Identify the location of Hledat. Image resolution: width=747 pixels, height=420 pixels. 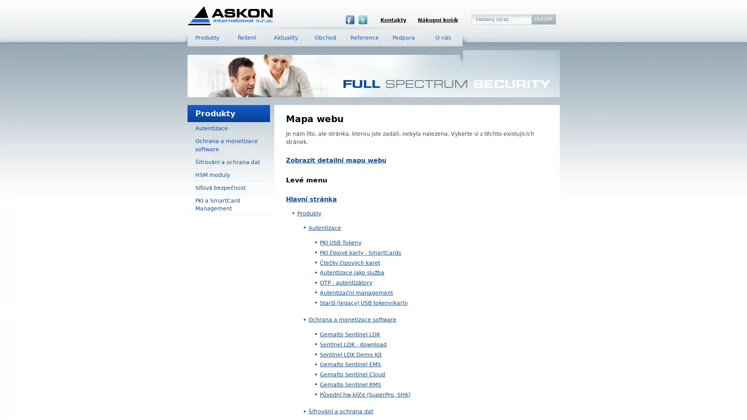
(543, 19).